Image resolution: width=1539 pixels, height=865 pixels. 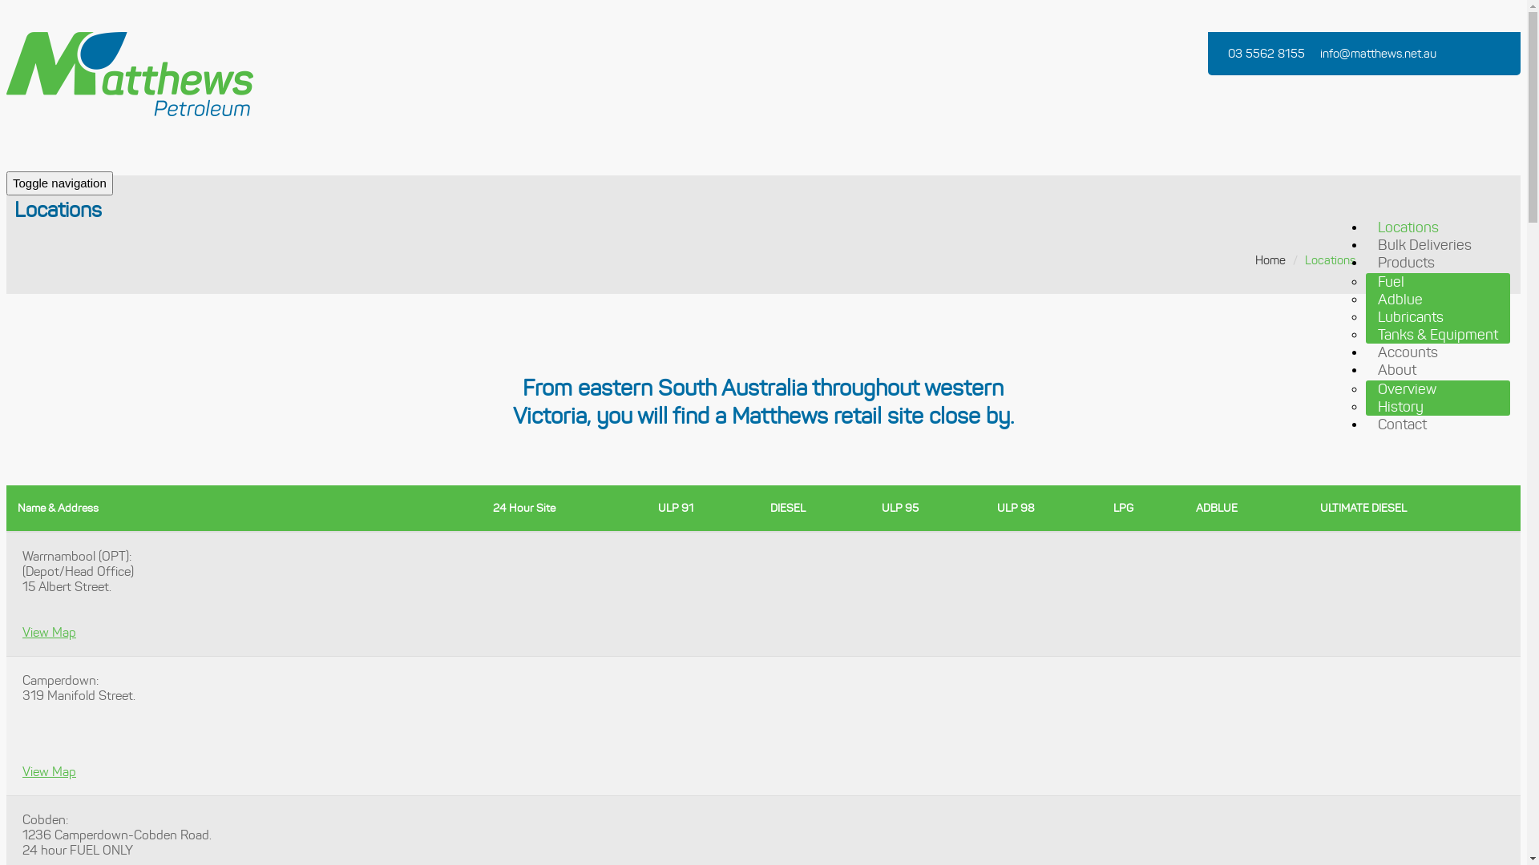 I want to click on 'History', so click(x=1400, y=406).